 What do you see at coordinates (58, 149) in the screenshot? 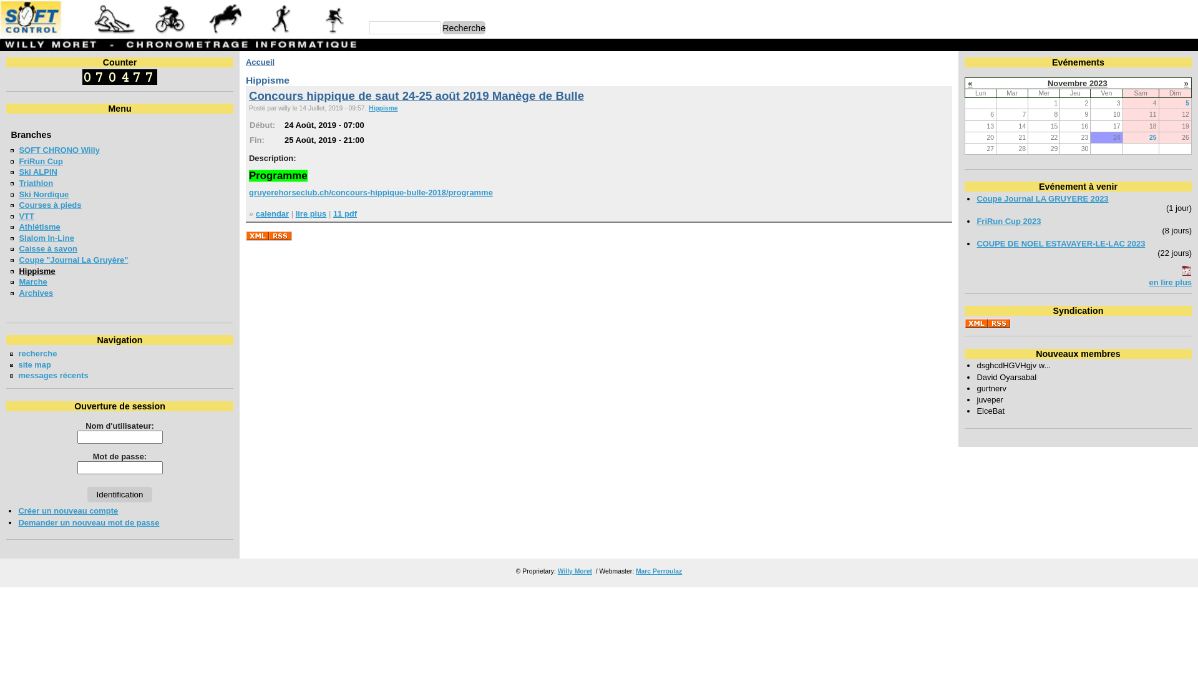
I see `'SOFT CHRONO Willy'` at bounding box center [58, 149].